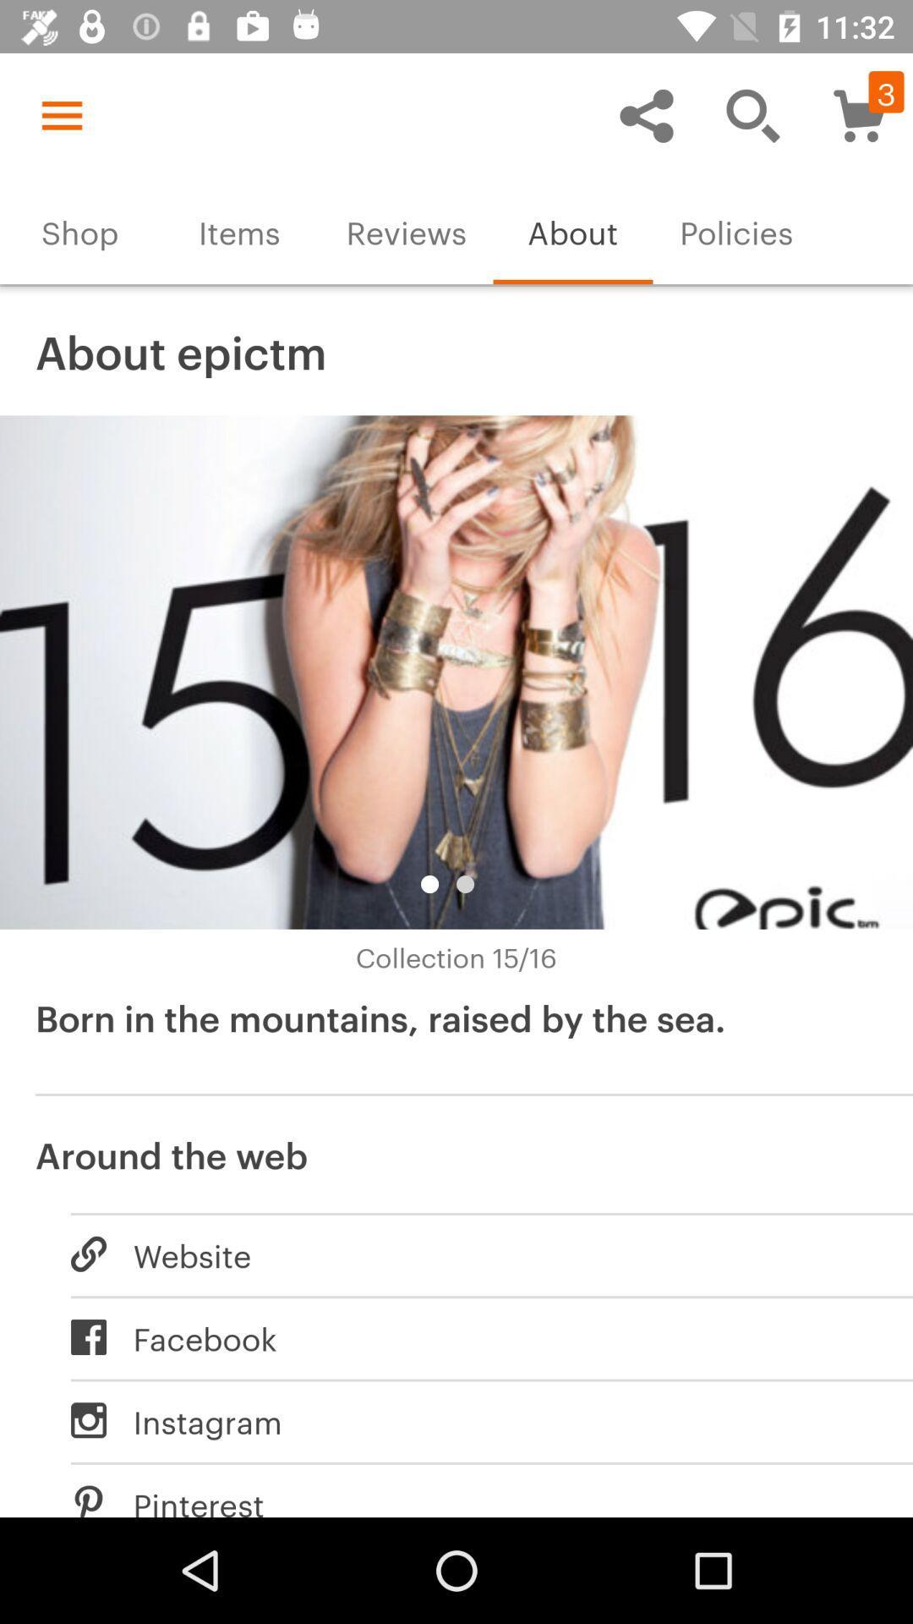 The width and height of the screenshot is (913, 1624). I want to click on the icon below the born in the, so click(456, 1152).